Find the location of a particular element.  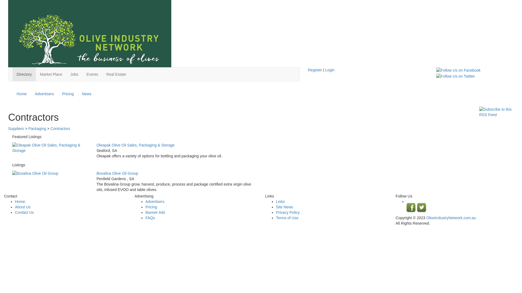

'Login' is located at coordinates (330, 70).